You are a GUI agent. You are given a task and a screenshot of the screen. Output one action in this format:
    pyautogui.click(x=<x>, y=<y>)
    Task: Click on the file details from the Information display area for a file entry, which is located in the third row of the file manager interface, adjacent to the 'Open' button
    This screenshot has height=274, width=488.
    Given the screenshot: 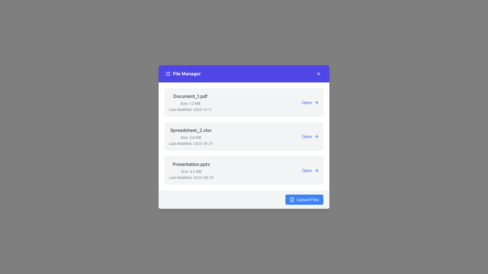 What is the action you would take?
    pyautogui.click(x=191, y=170)
    